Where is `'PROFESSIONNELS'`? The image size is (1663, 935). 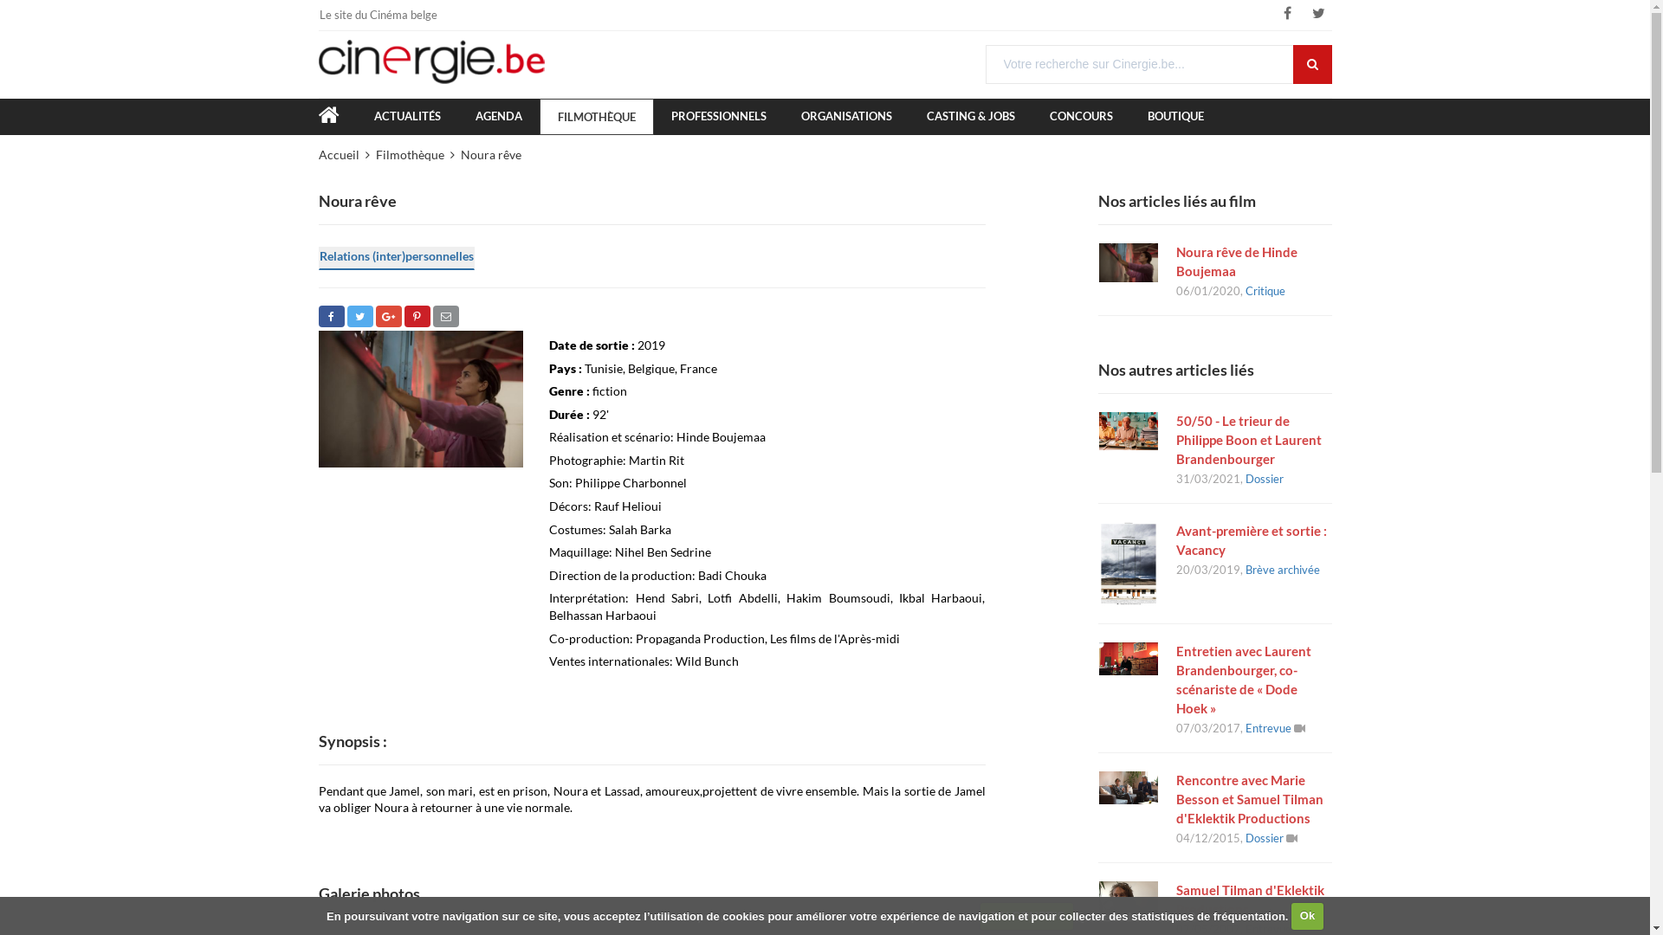 'PROFESSIONNELS' is located at coordinates (718, 116).